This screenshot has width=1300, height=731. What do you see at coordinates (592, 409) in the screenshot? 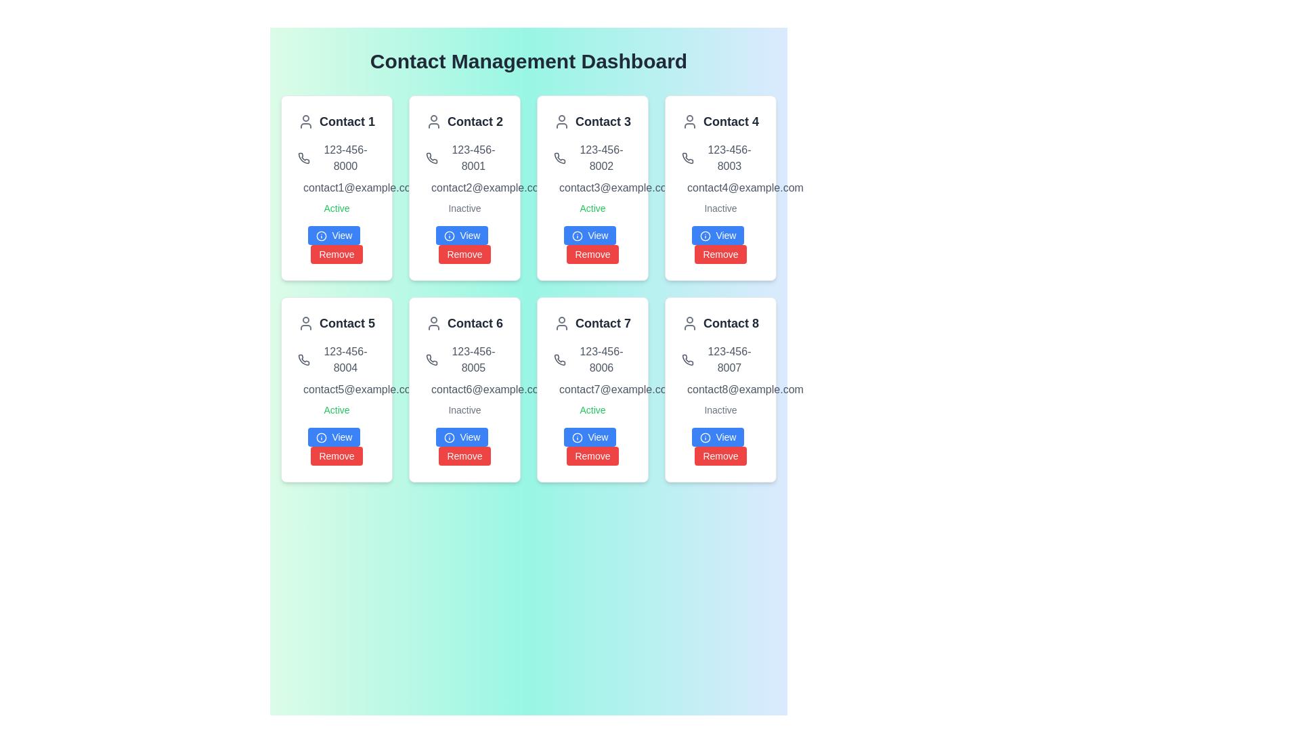
I see `text label displaying 'Active' in green color, which is part of the seventh contact card in the dashboard layout, located in the second row and third column from the left, positioned above the 'View' and 'Remove' buttons` at bounding box center [592, 409].